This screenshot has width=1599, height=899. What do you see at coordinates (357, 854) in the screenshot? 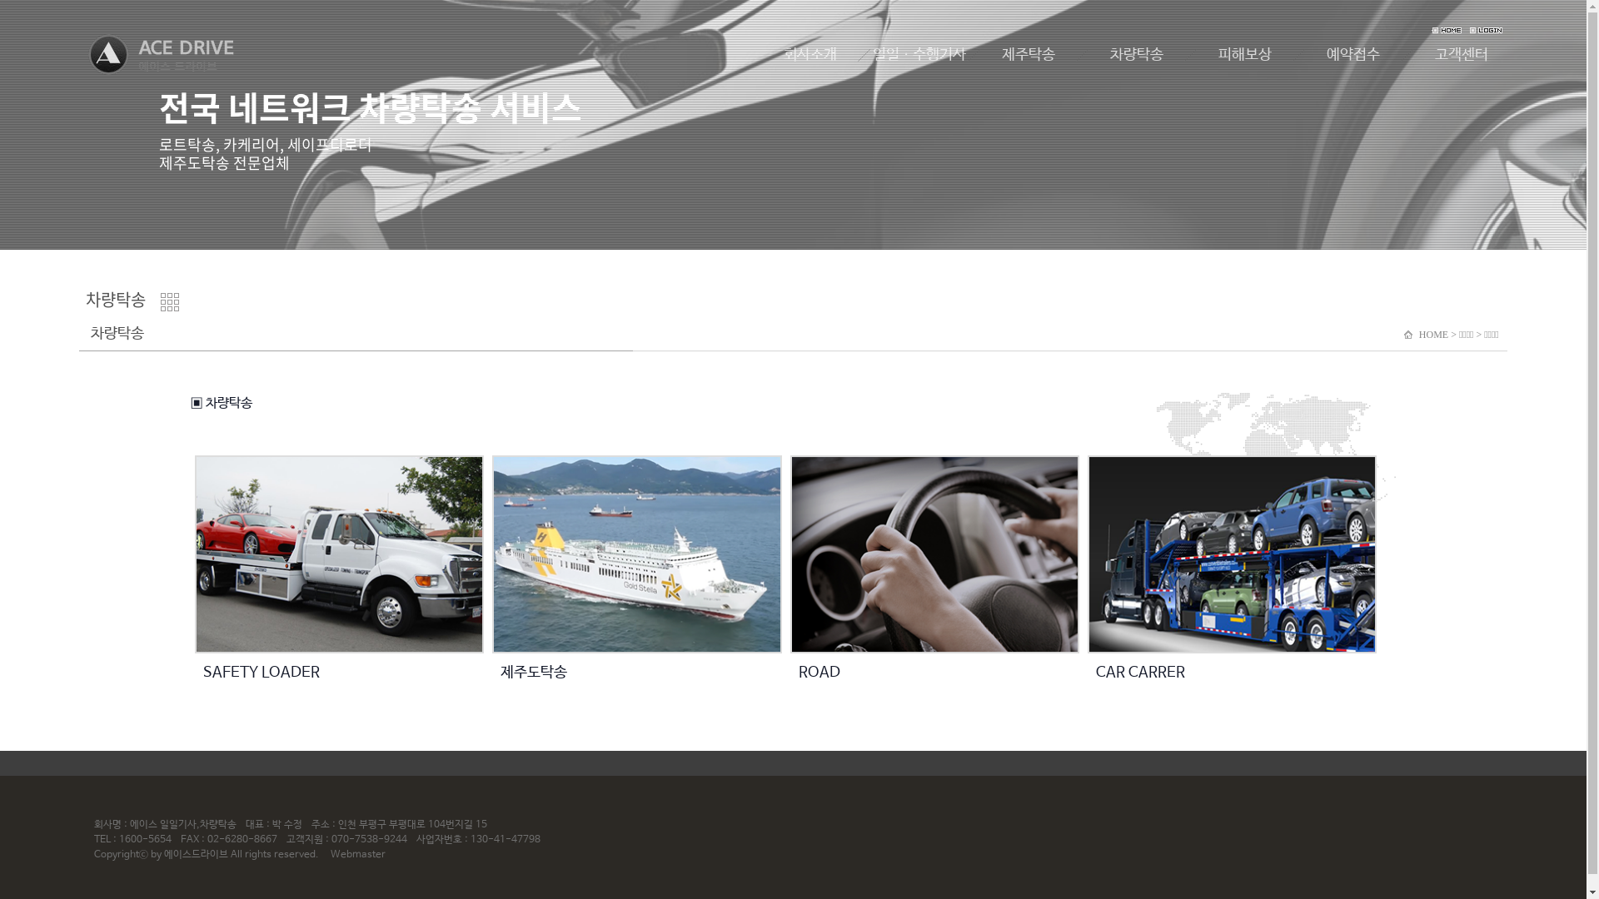
I see `'Webmaster'` at bounding box center [357, 854].